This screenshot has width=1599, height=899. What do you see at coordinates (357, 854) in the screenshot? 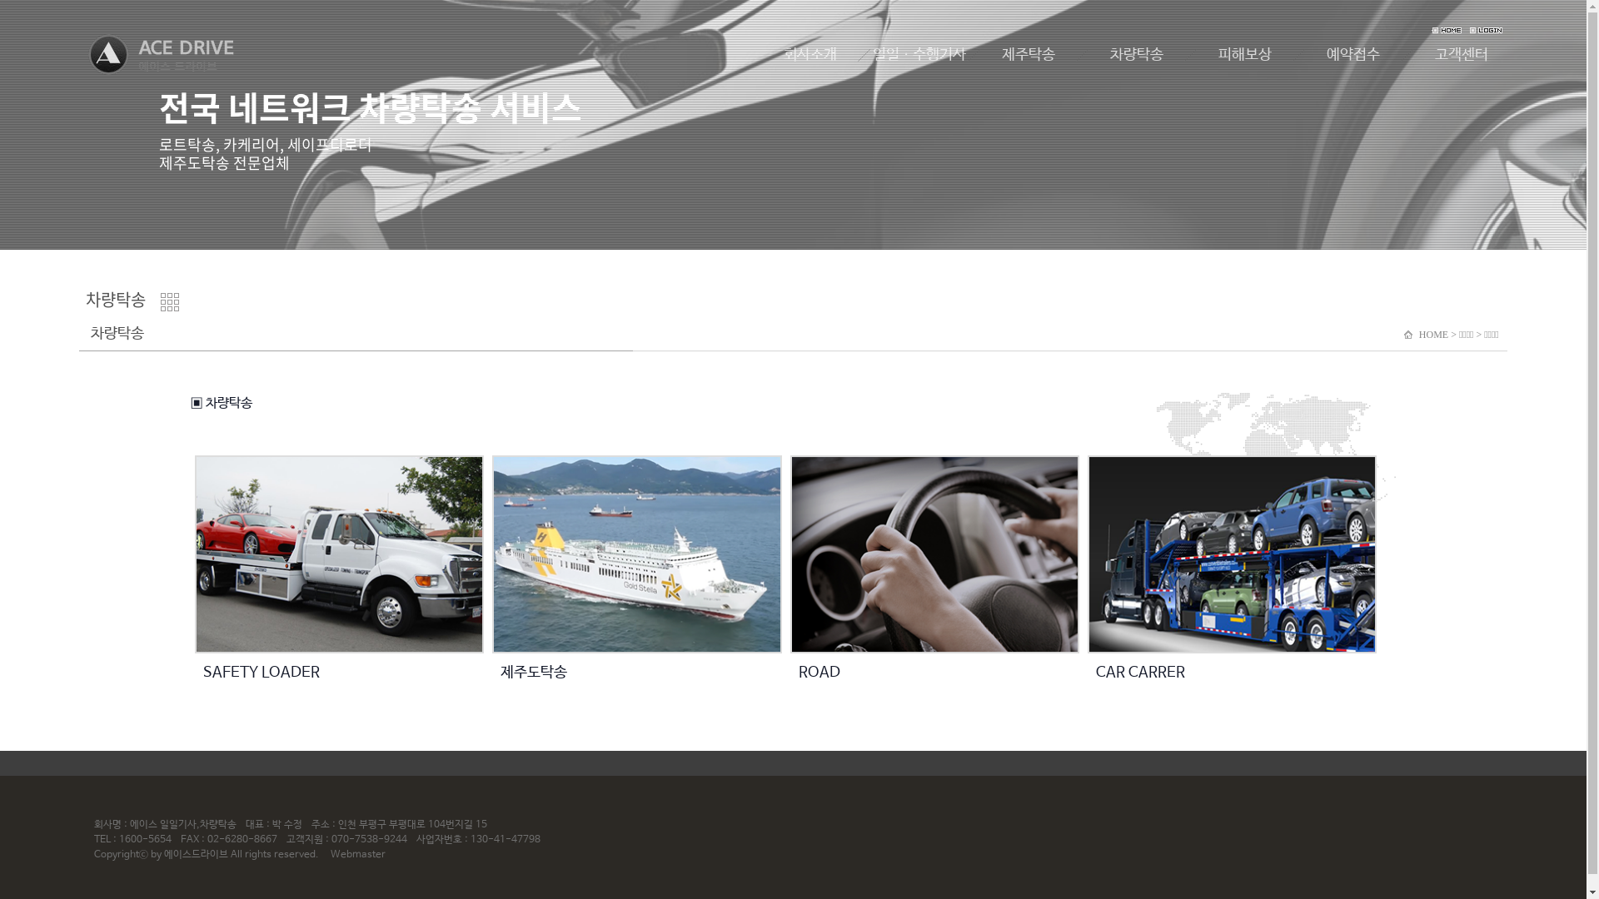
I see `'Webmaster'` at bounding box center [357, 854].